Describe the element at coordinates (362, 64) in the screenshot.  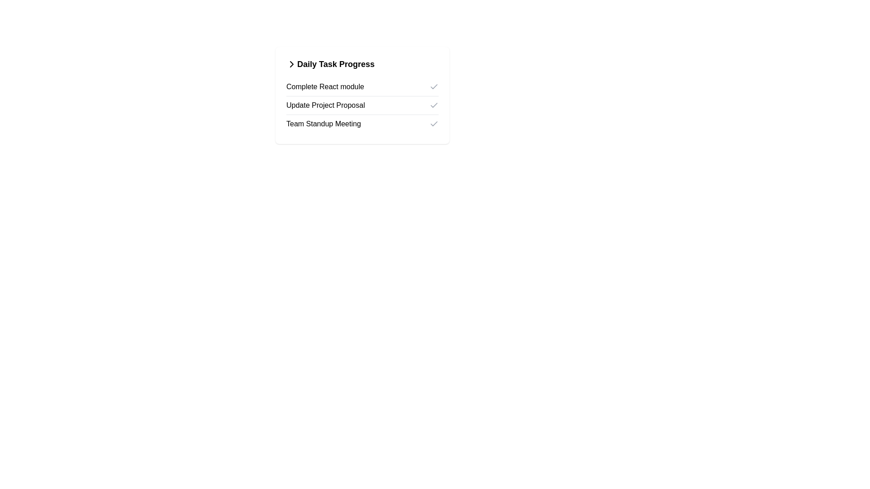
I see `the 'Daily Task Progress' heading with the right-pointing chevron icon` at that location.